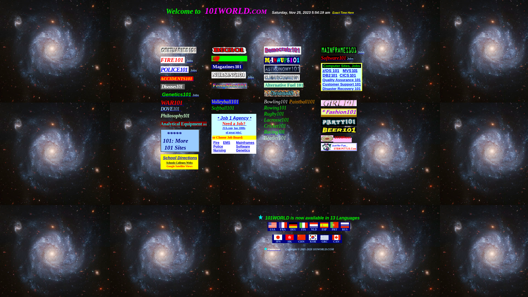 Image resolution: width=528 pixels, height=297 pixels. What do you see at coordinates (329, 88) in the screenshot?
I see `'Disaster'` at bounding box center [329, 88].